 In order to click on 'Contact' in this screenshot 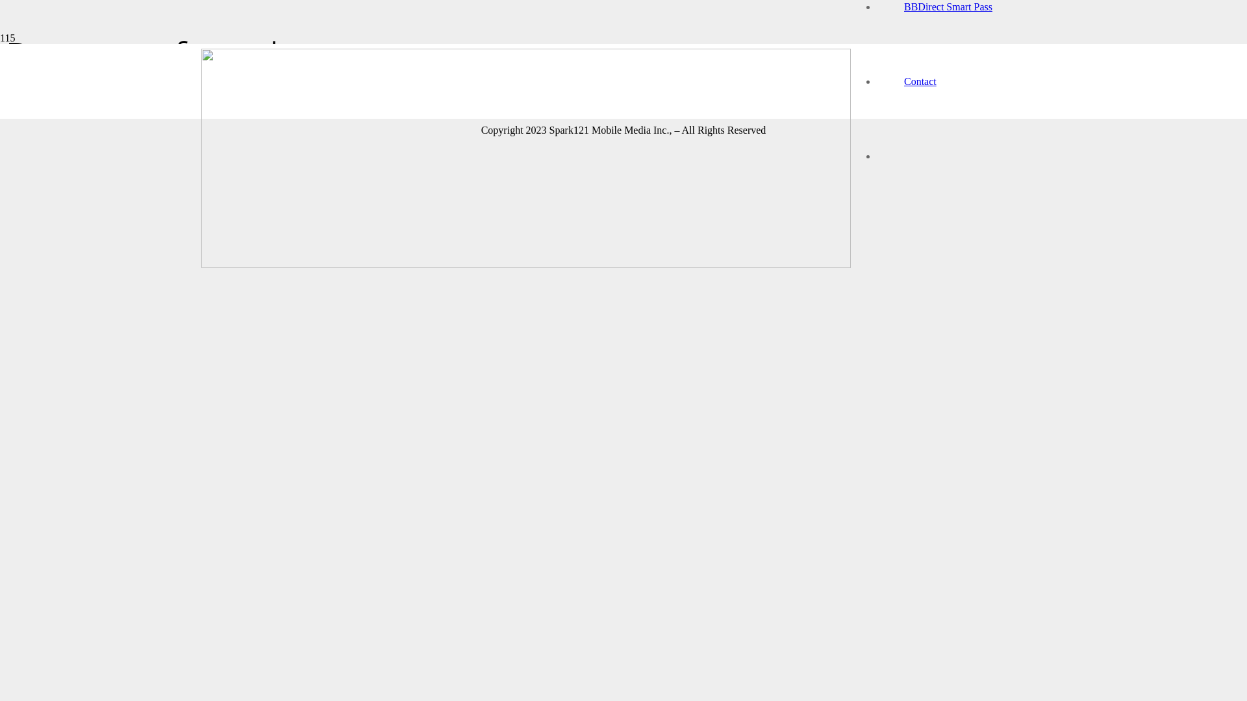, I will do `click(919, 81)`.